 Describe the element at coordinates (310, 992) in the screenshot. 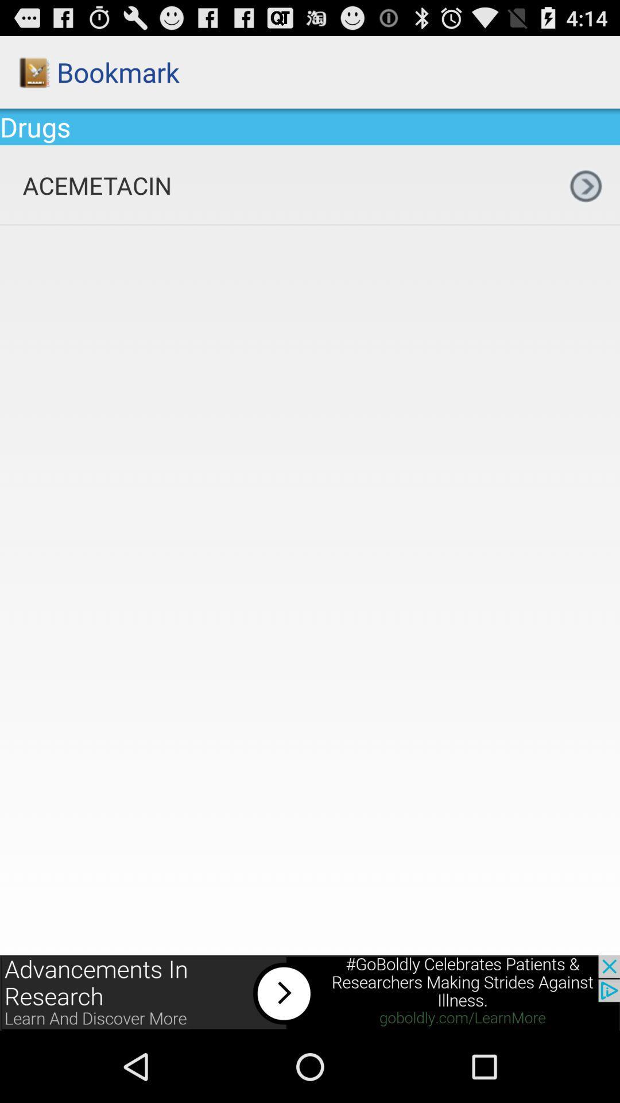

I see `click for more info` at that location.